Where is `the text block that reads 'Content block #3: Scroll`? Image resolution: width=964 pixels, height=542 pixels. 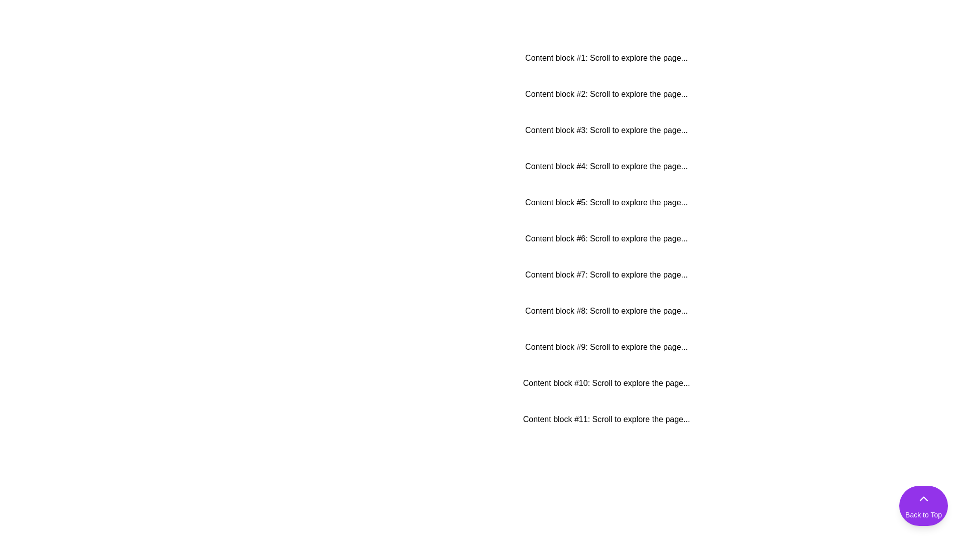 the text block that reads 'Content block #3: Scroll is located at coordinates (606, 129).